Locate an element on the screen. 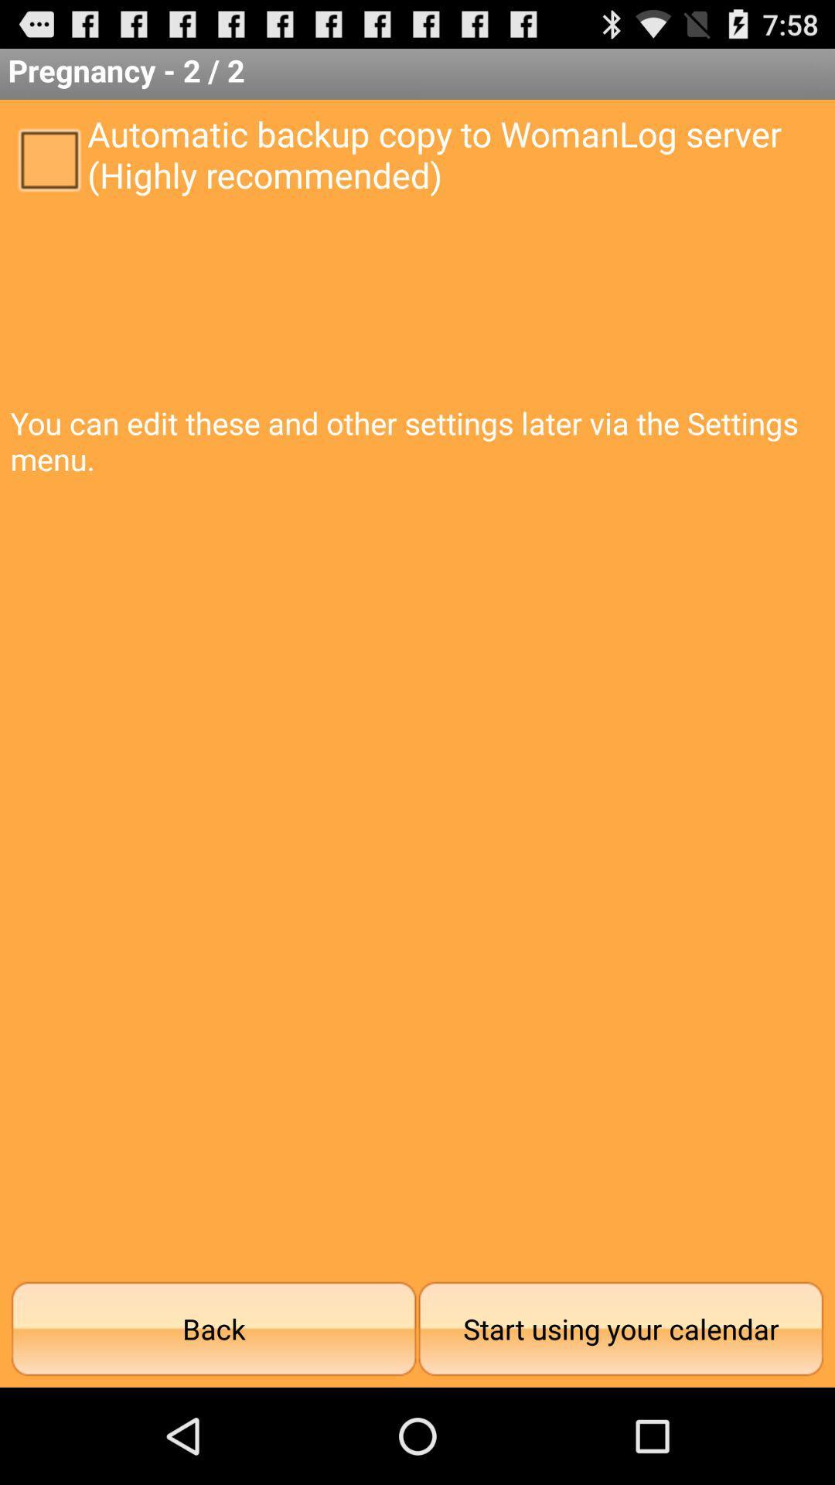 The image size is (835, 1485). the item to the left of start using your item is located at coordinates (213, 1328).